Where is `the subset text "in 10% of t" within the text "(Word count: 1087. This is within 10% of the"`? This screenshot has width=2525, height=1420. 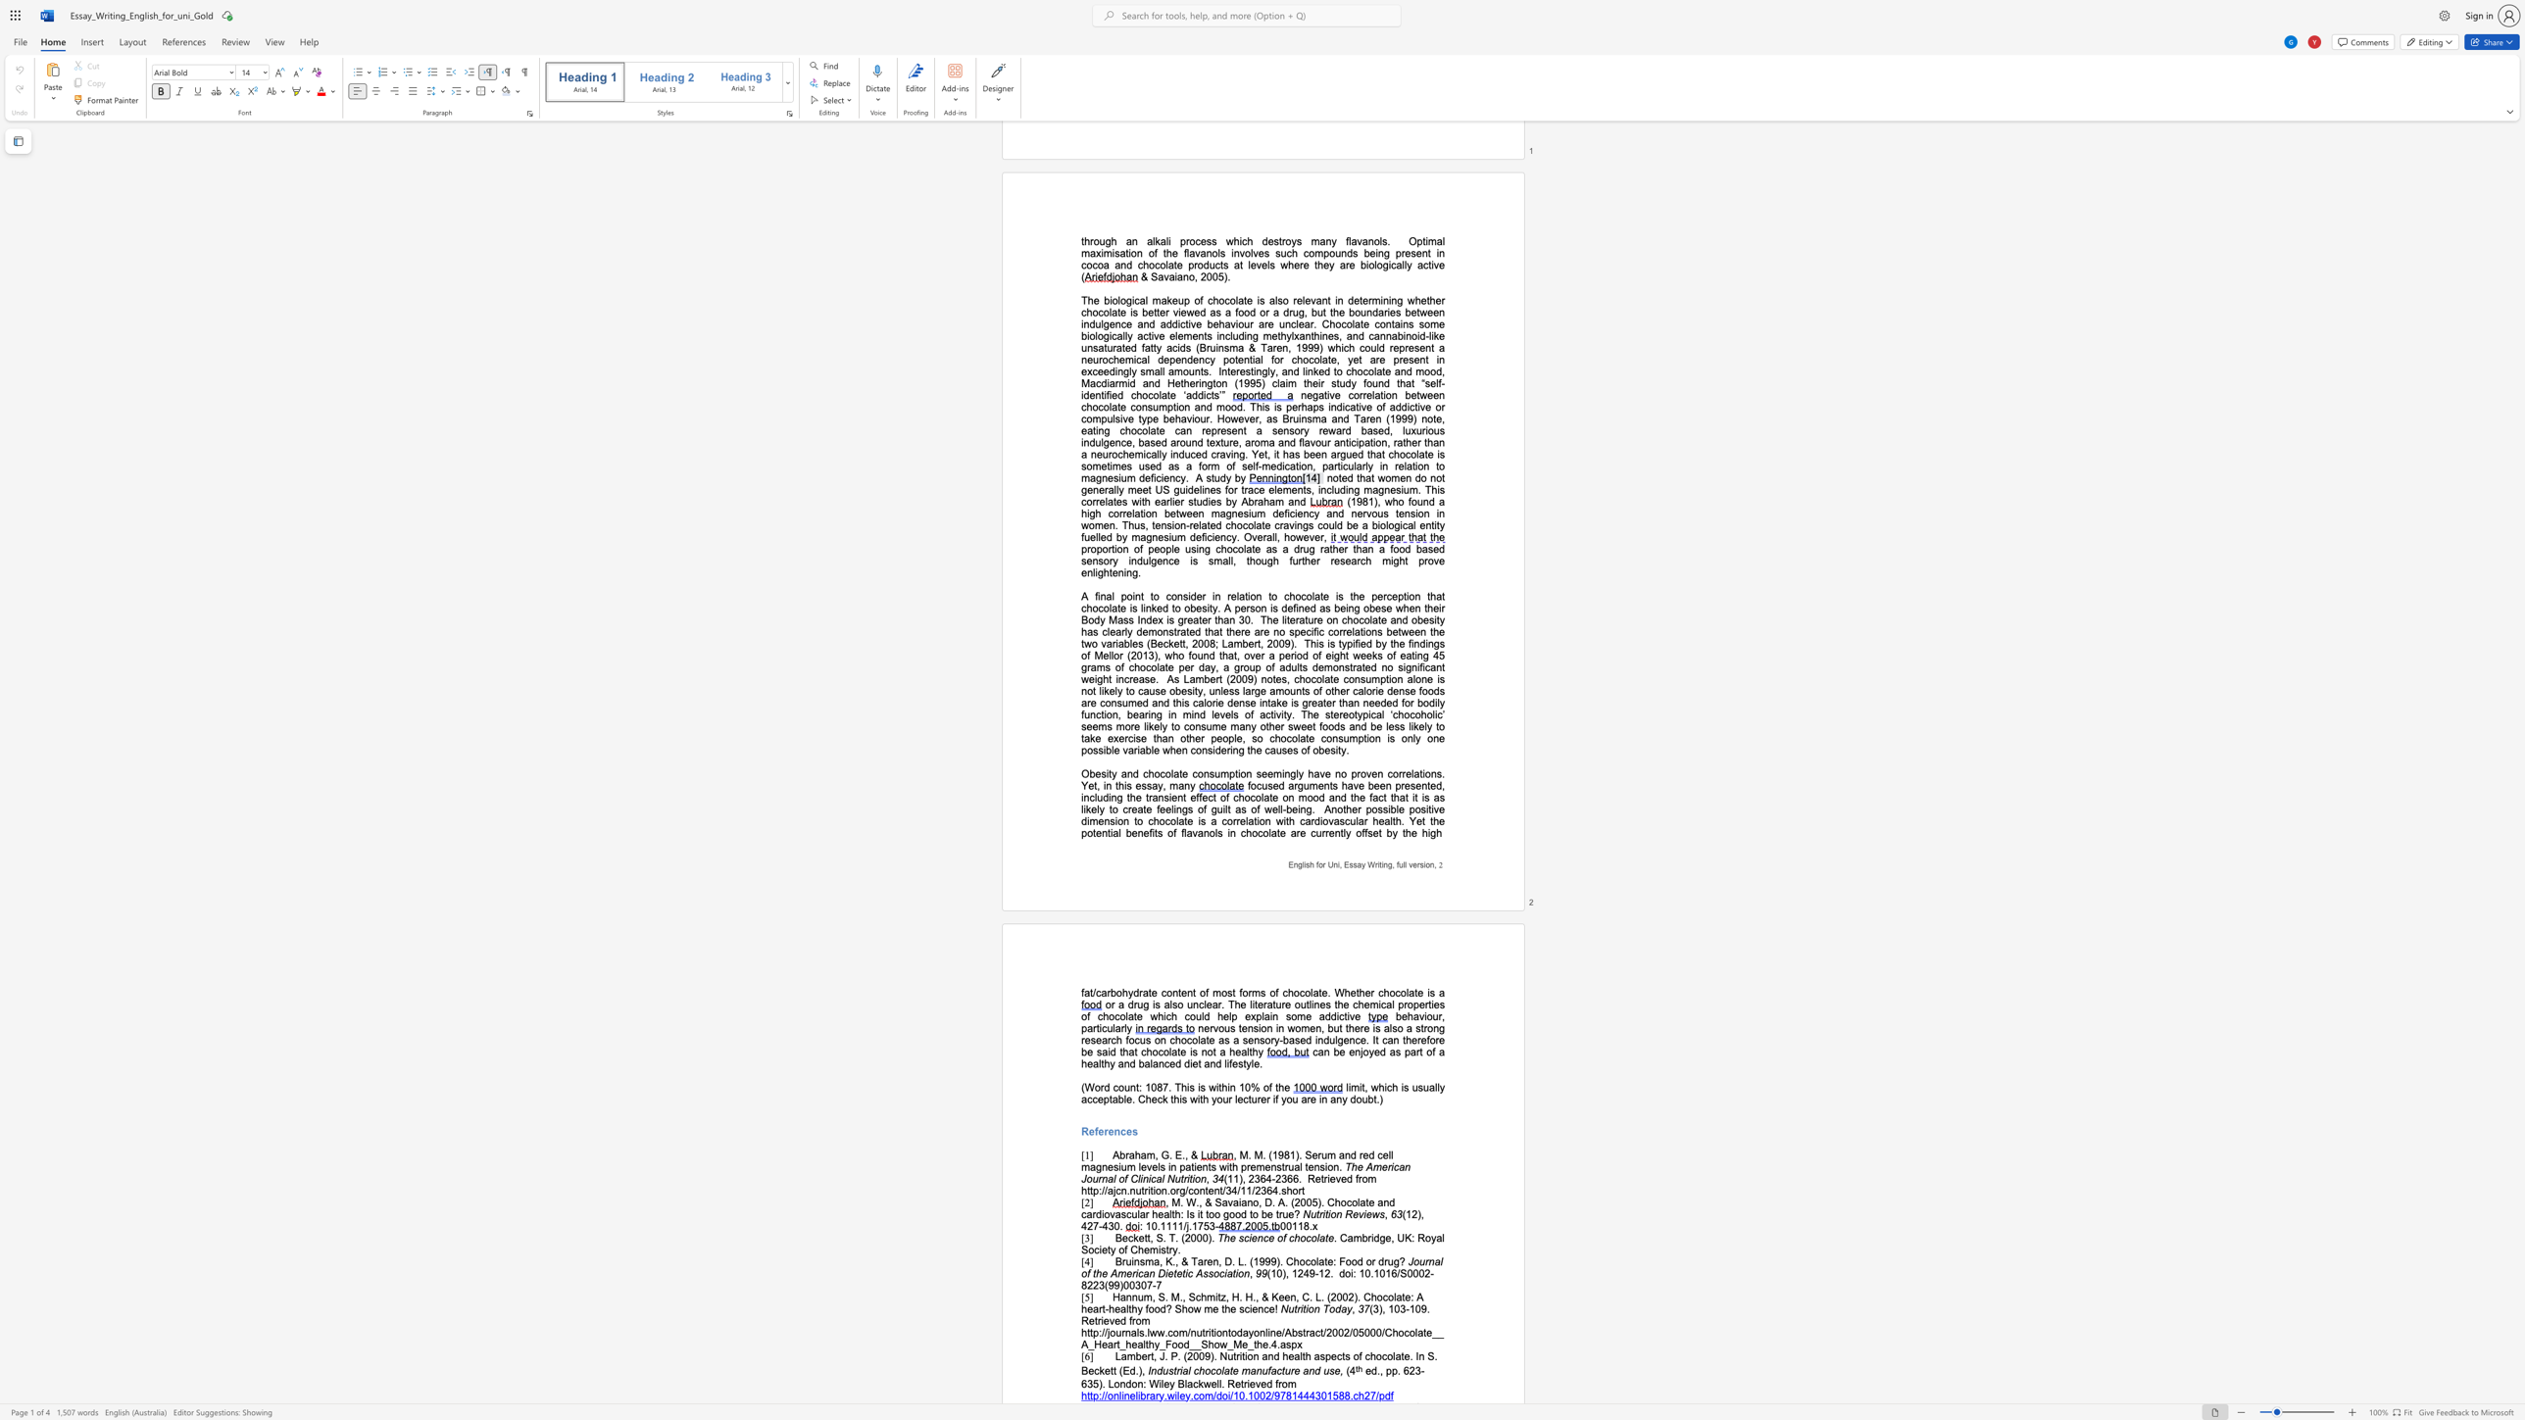 the subset text "in 10% of t" within the text "(Word count: 1087. This is within 10% of the" is located at coordinates (1227, 1086).